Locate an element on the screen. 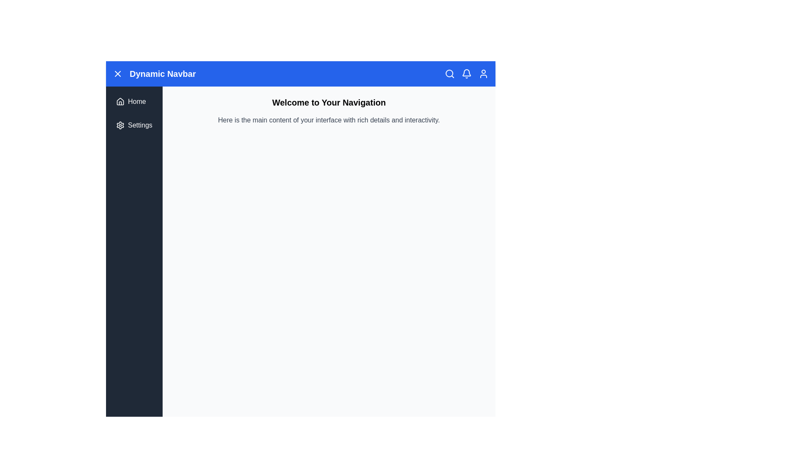  the Text Label located in the blue navigation bar, which serves as a title or label for the navigation context, positioned to the right of the 'X' icon is located at coordinates (154, 73).